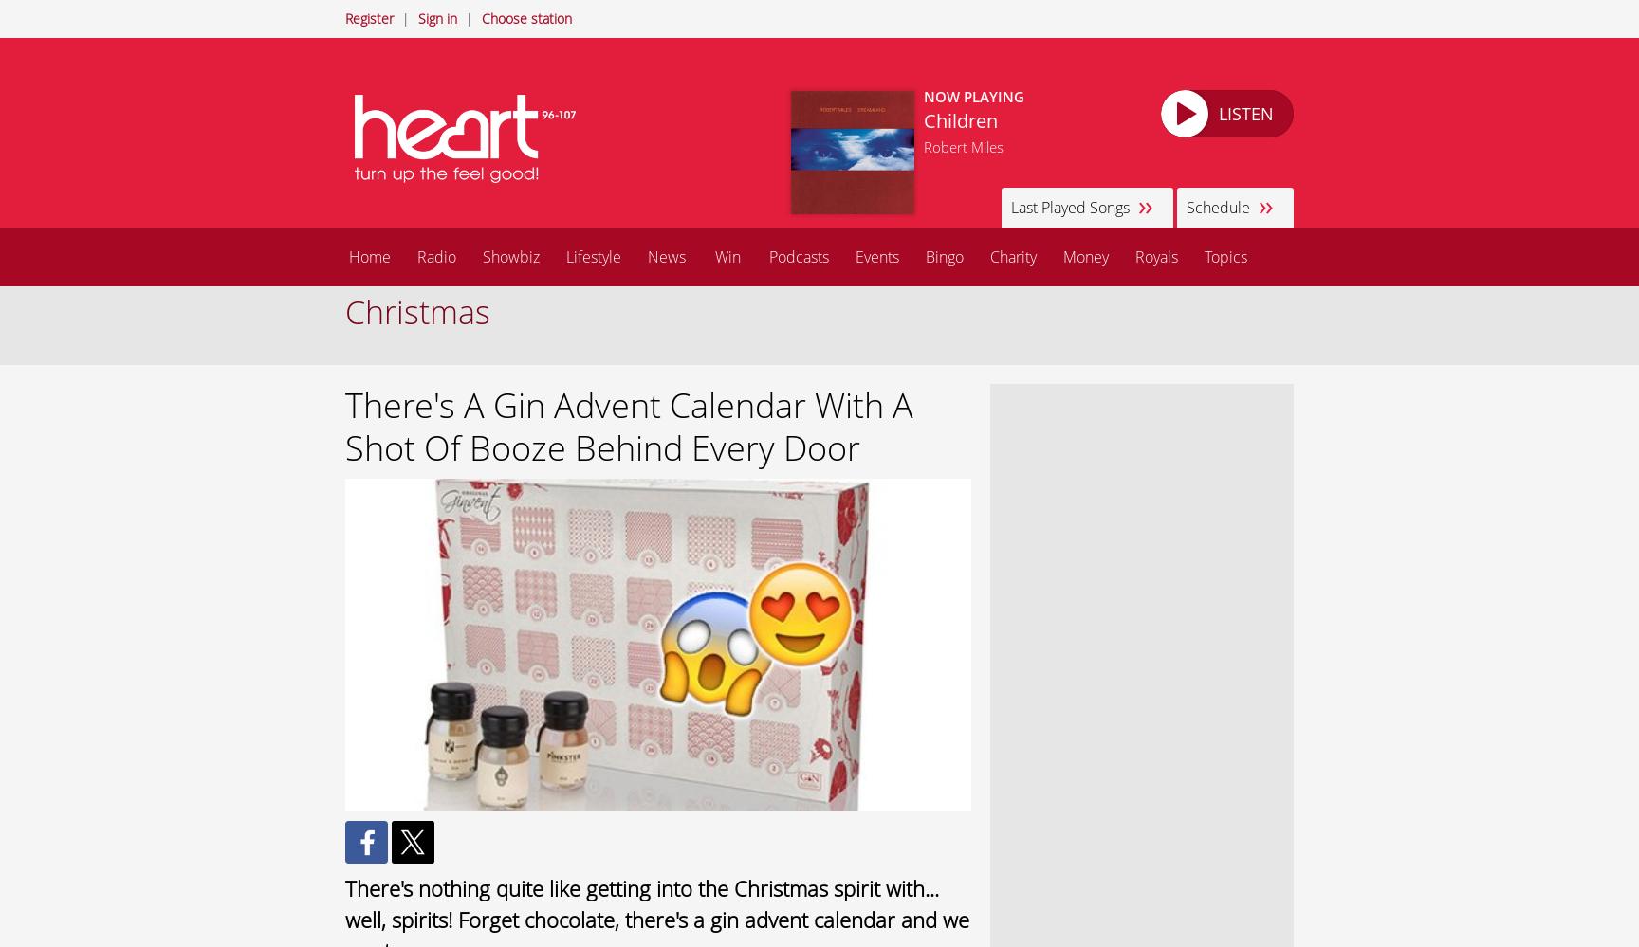 This screenshot has width=1639, height=947. Describe the element at coordinates (963, 147) in the screenshot. I see `'Robert Miles'` at that location.